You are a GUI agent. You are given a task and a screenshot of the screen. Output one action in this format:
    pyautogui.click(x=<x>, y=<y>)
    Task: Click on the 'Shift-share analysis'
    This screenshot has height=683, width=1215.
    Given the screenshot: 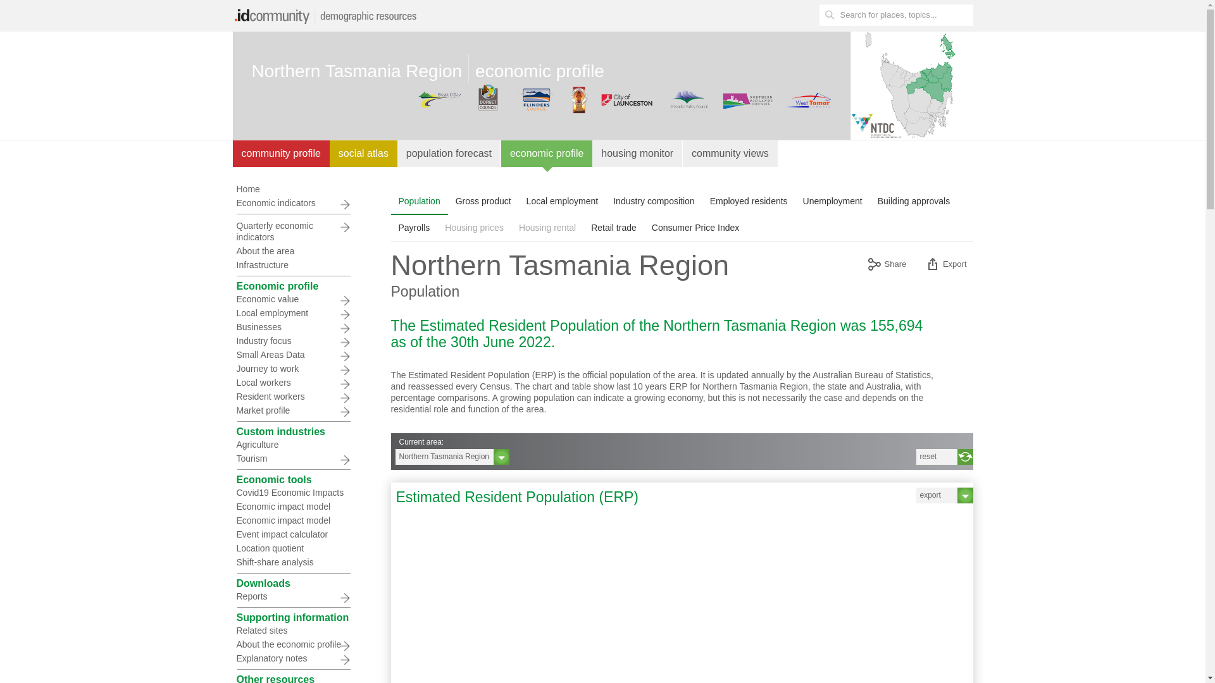 What is the action you would take?
    pyautogui.click(x=292, y=561)
    